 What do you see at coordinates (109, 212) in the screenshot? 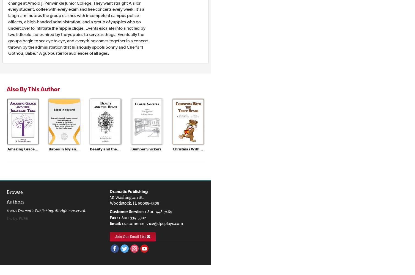
I see `'Customer Service:'` at bounding box center [109, 212].